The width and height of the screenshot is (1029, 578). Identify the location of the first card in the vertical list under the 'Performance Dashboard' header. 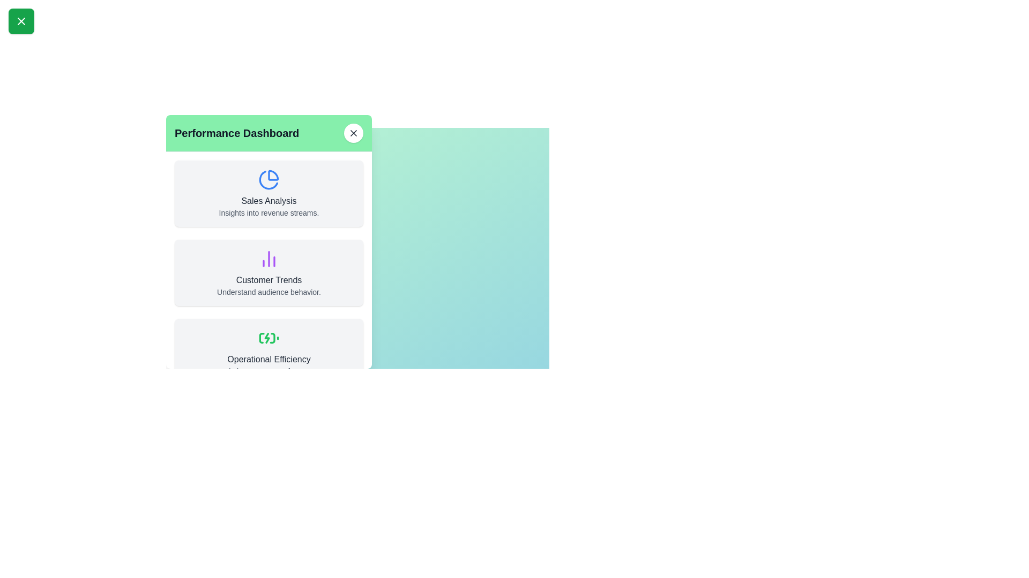
(269, 194).